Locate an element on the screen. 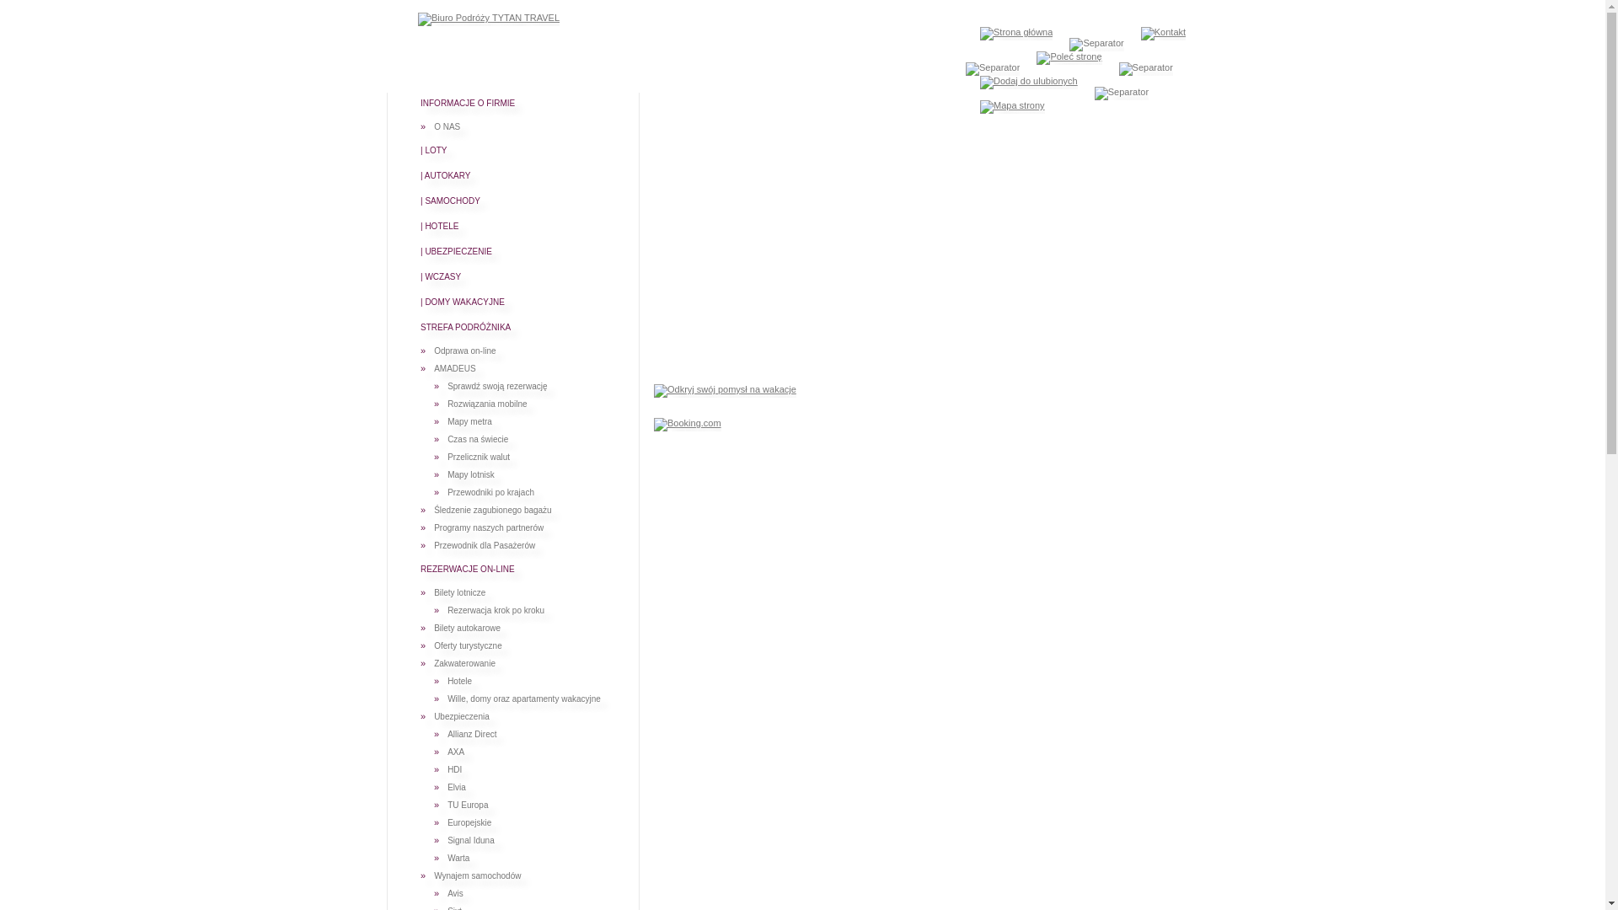  'Przewodniki po krajach' is located at coordinates (490, 493).